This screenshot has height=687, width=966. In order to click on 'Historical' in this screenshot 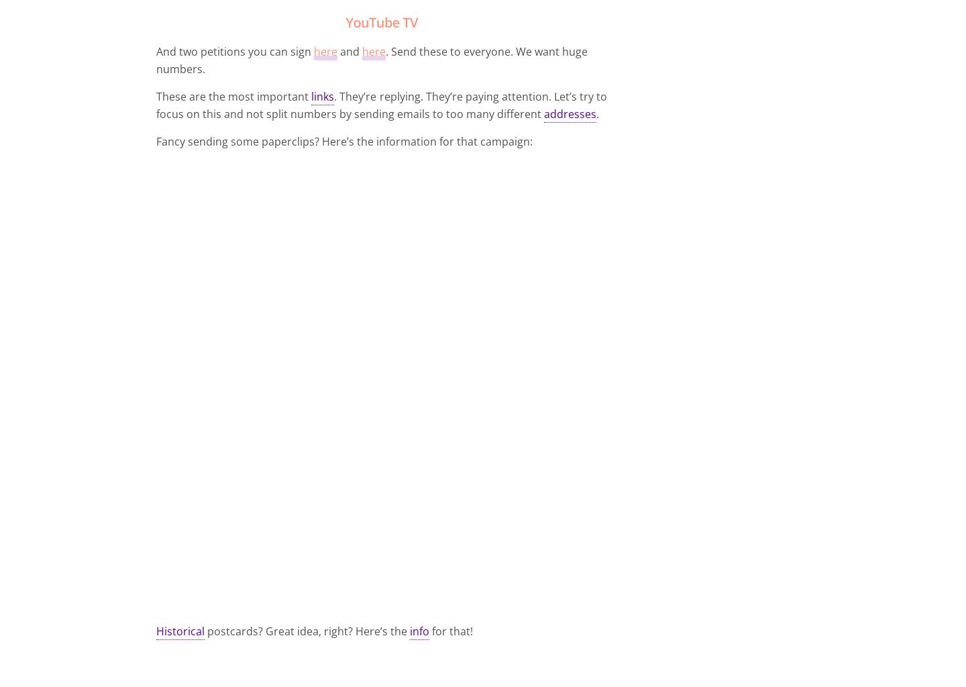, I will do `click(179, 631)`.